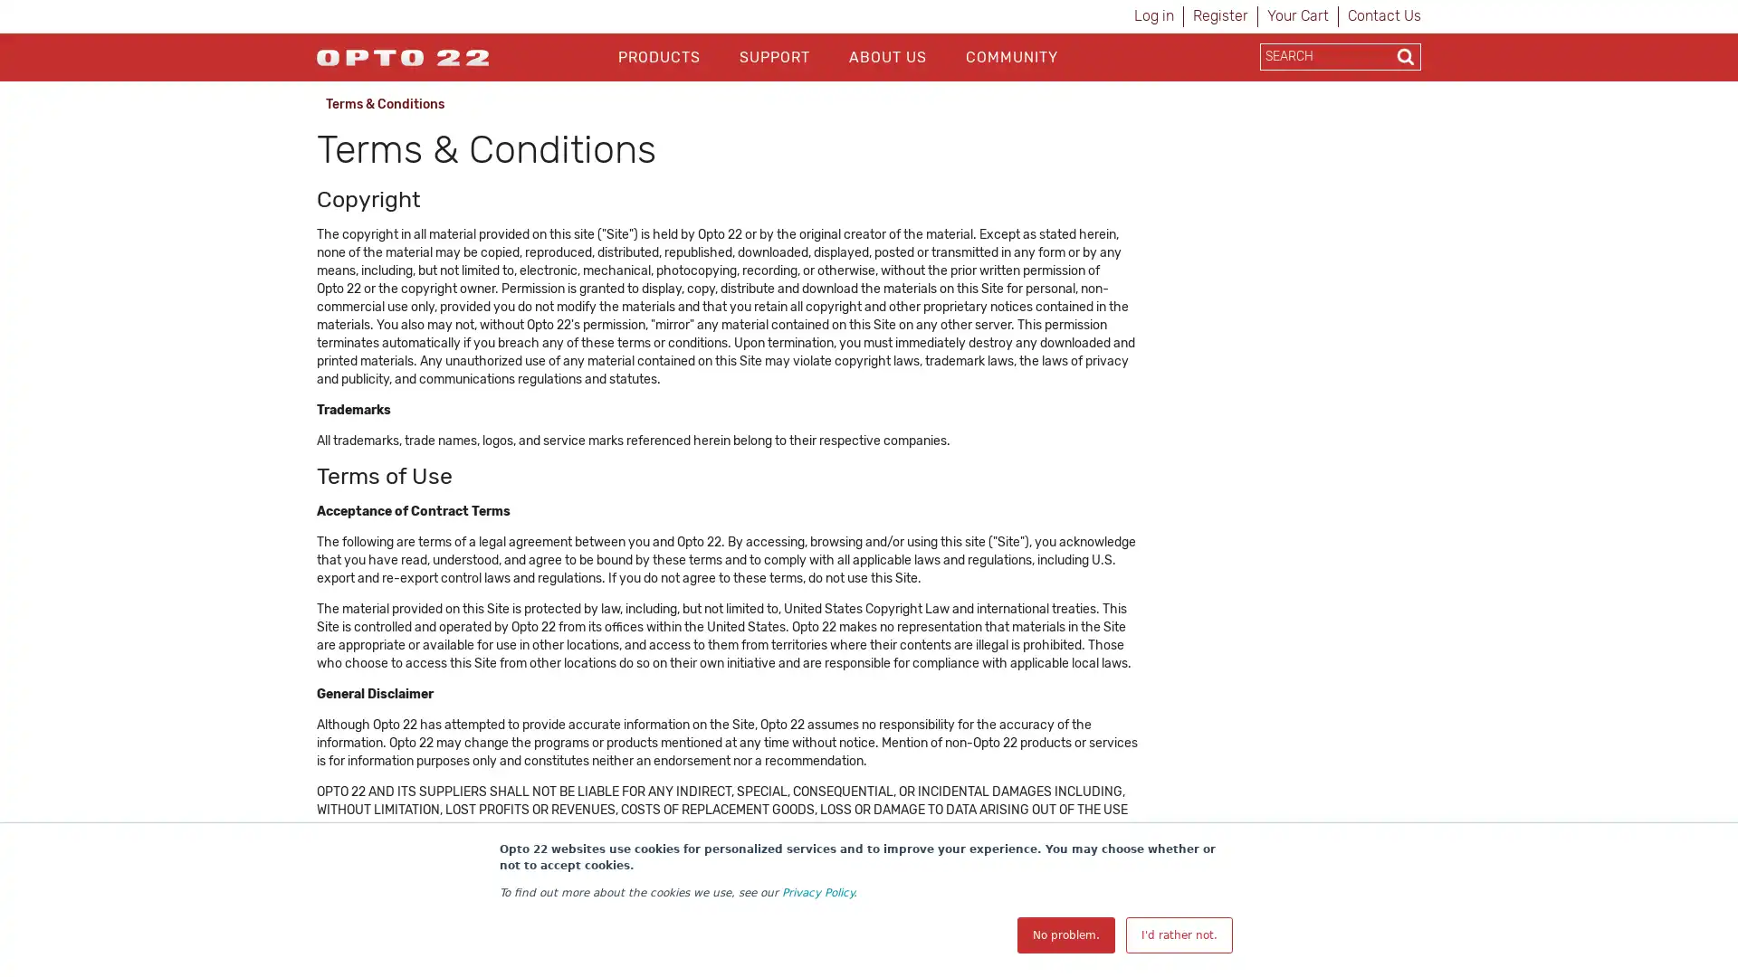  I want to click on I'd rather not., so click(1179, 934).